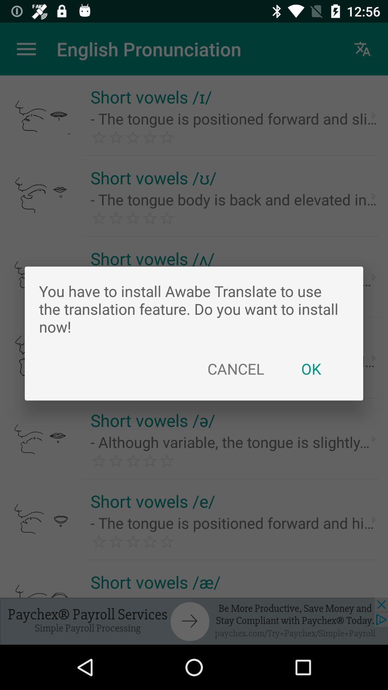 Image resolution: width=388 pixels, height=690 pixels. What do you see at coordinates (374, 196) in the screenshot?
I see `the arrow button in the second row right corner` at bounding box center [374, 196].